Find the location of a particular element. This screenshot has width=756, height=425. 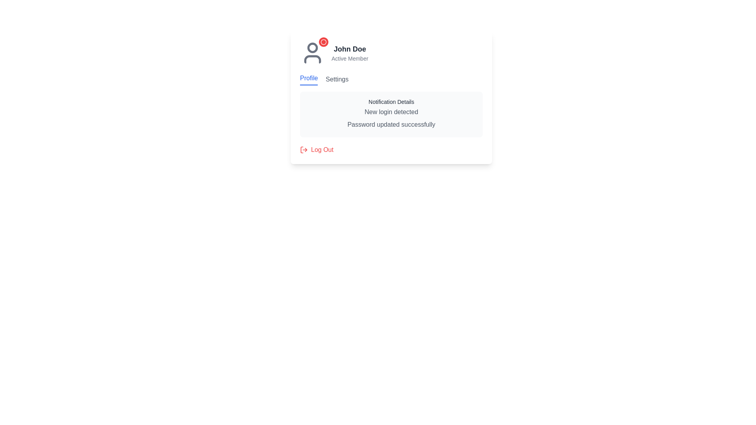

the 'Settings' text label, which is a gray font clickable element located to the right of the 'Profile' label in a horizontal layout is located at coordinates (337, 79).